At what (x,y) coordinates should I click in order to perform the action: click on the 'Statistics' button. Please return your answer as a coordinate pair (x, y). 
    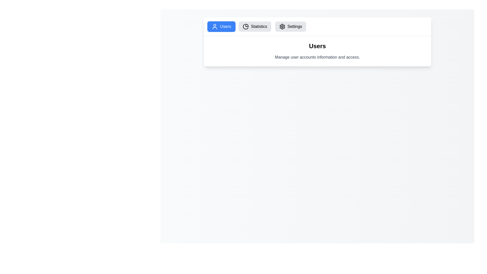
    Looking at the image, I should click on (255, 26).